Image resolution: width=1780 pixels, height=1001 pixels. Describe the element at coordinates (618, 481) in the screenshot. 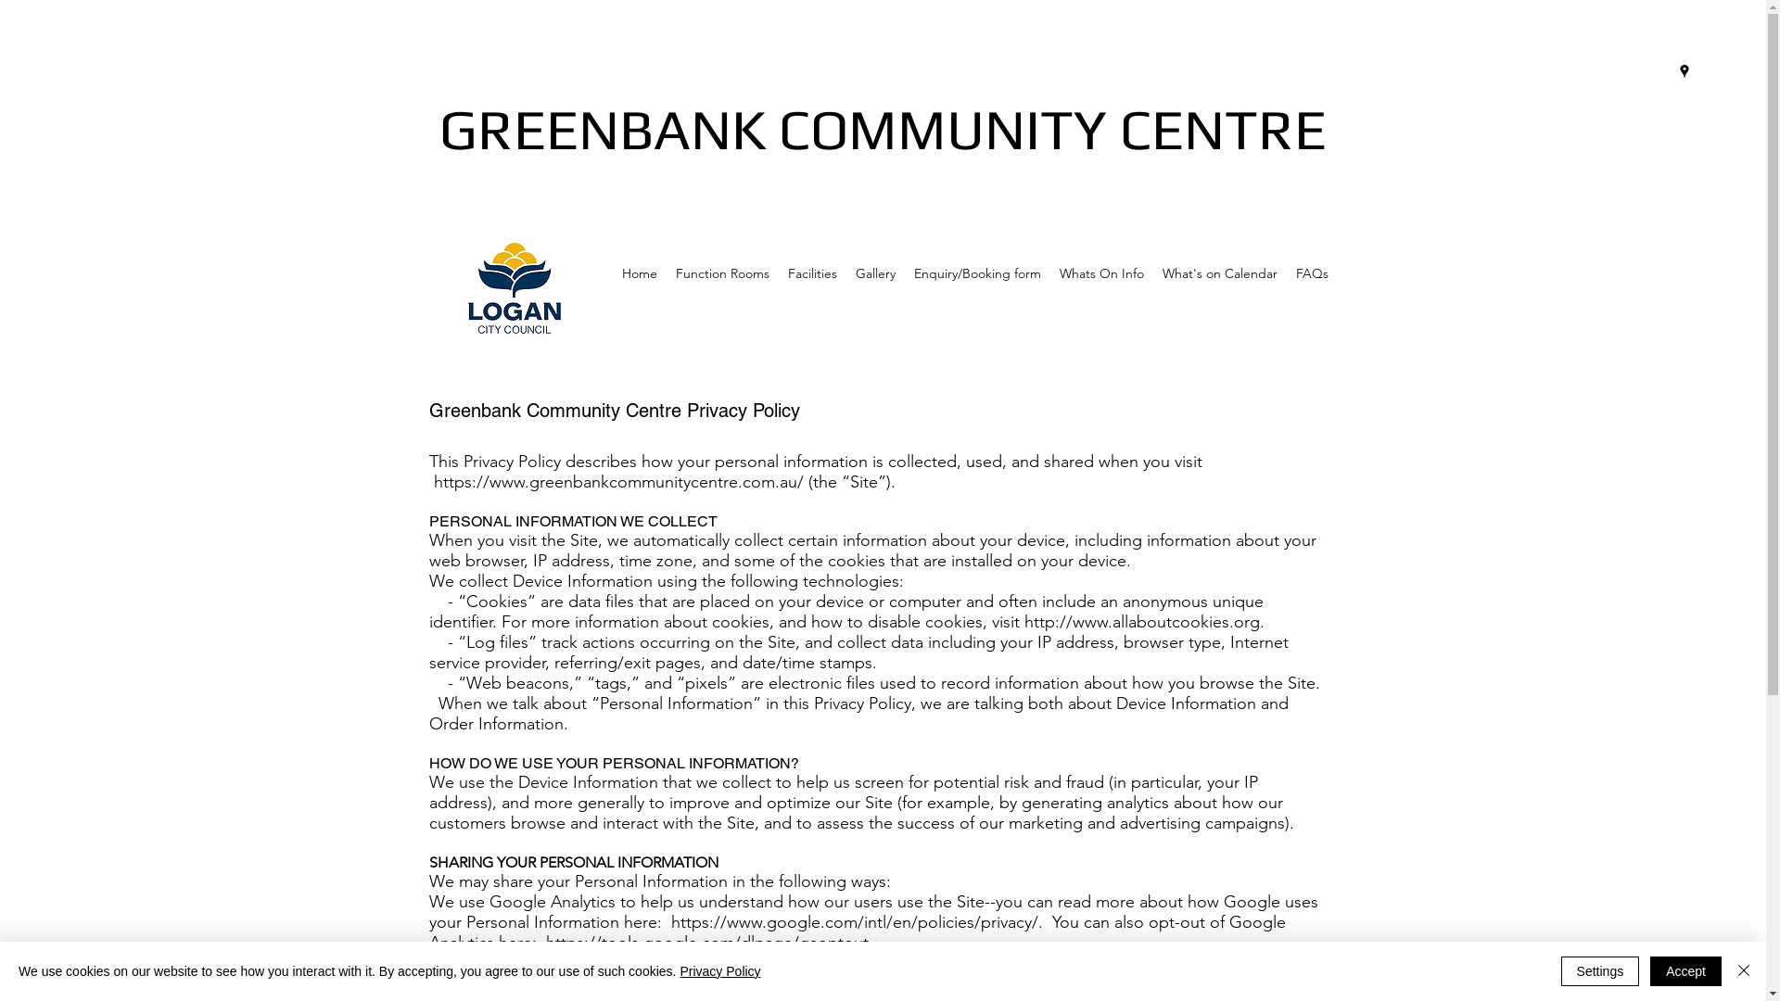

I see `'https://www.greenbankcommunitycentre.com.au/'` at that location.